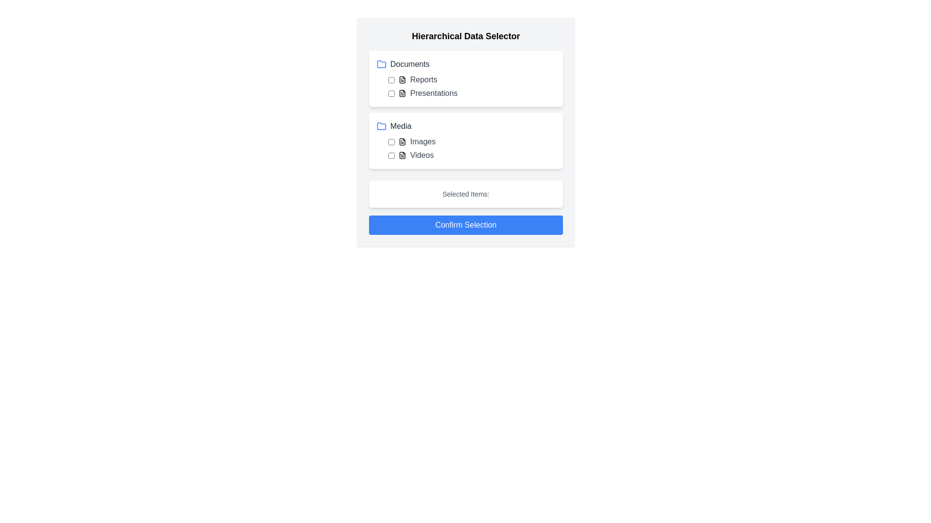 This screenshot has width=931, height=523. What do you see at coordinates (402, 154) in the screenshot?
I see `the document icon located to the left of the label 'Videos' in the Media folder section, which is styled in a monochromatic scheme and is positioned next to a checkbox` at bounding box center [402, 154].